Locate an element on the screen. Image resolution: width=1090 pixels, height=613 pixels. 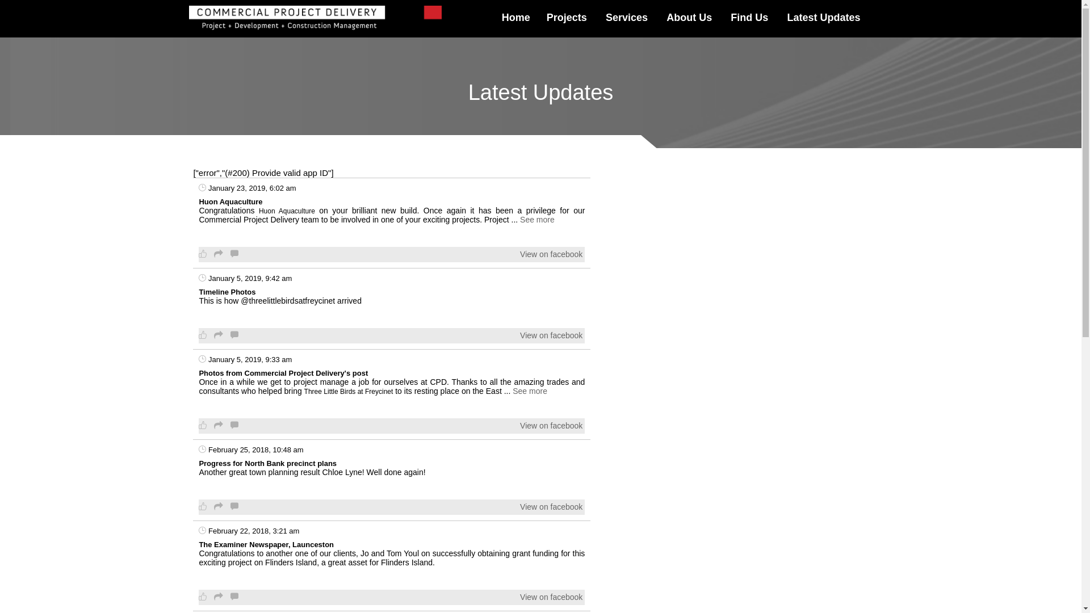
'Home' is located at coordinates (501, 18).